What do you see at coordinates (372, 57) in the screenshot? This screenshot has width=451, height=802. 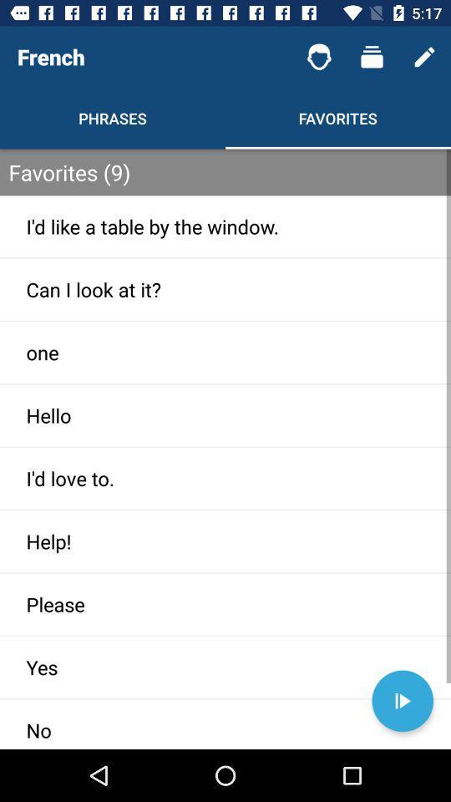 I see `the icon above favorites icon` at bounding box center [372, 57].